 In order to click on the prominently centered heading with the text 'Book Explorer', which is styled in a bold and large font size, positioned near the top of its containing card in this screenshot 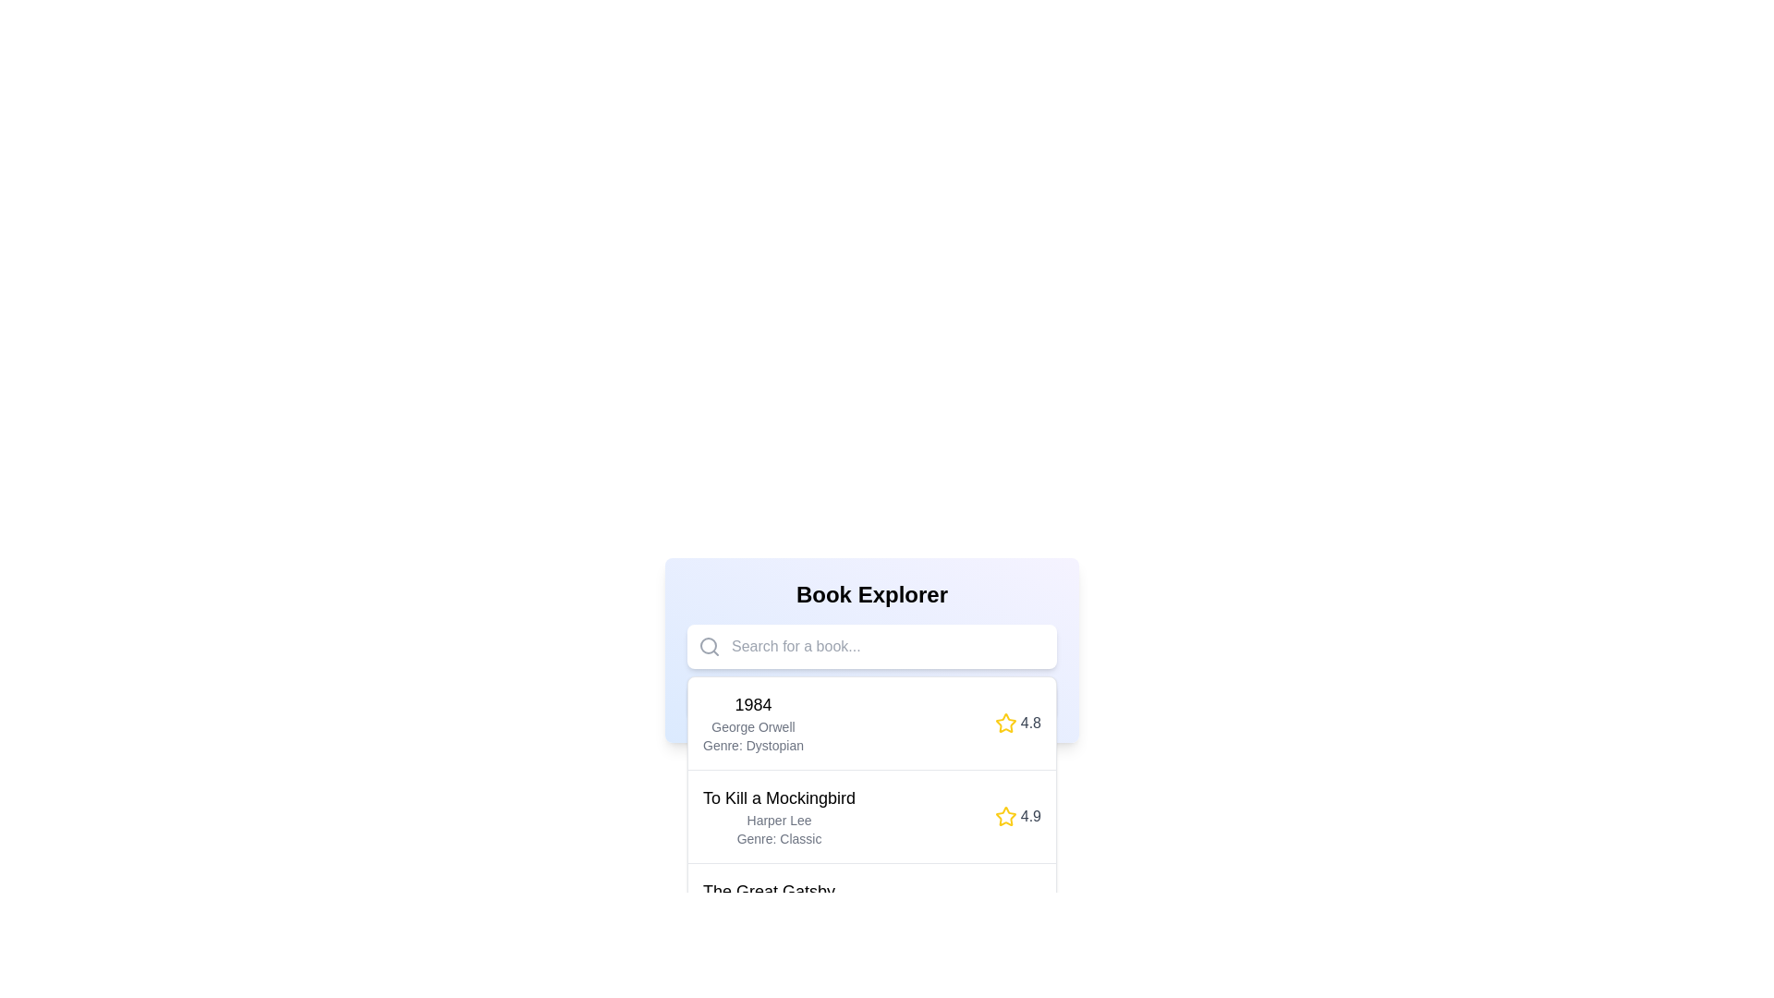, I will do `click(871, 595)`.